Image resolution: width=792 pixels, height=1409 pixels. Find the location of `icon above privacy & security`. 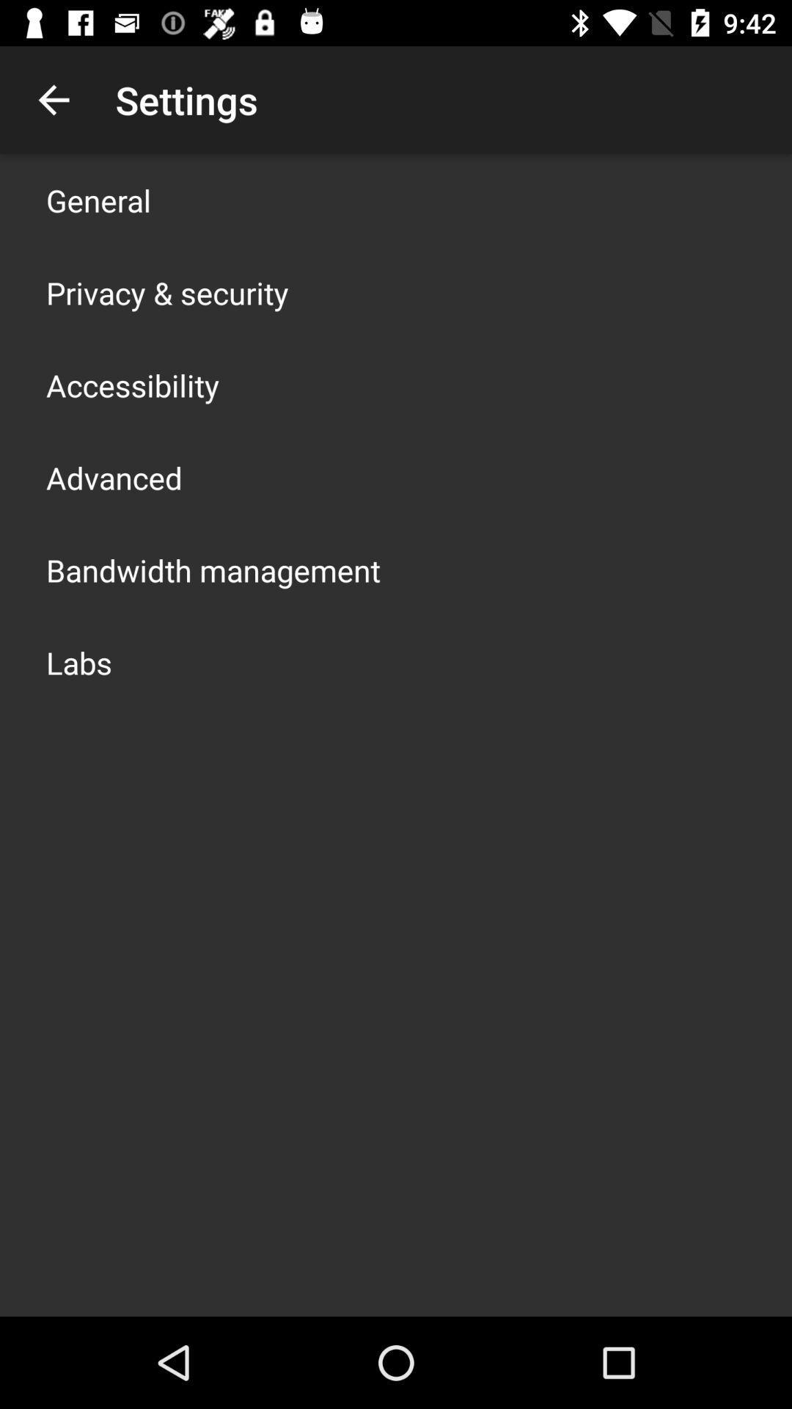

icon above privacy & security is located at coordinates (98, 200).